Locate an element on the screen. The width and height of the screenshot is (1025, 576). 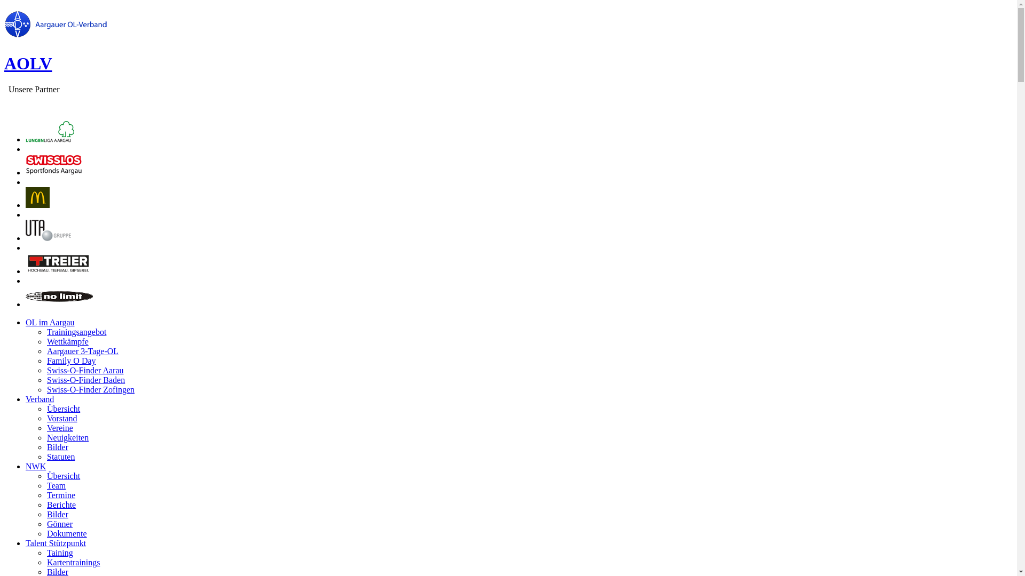
'Termine' is located at coordinates (60, 495).